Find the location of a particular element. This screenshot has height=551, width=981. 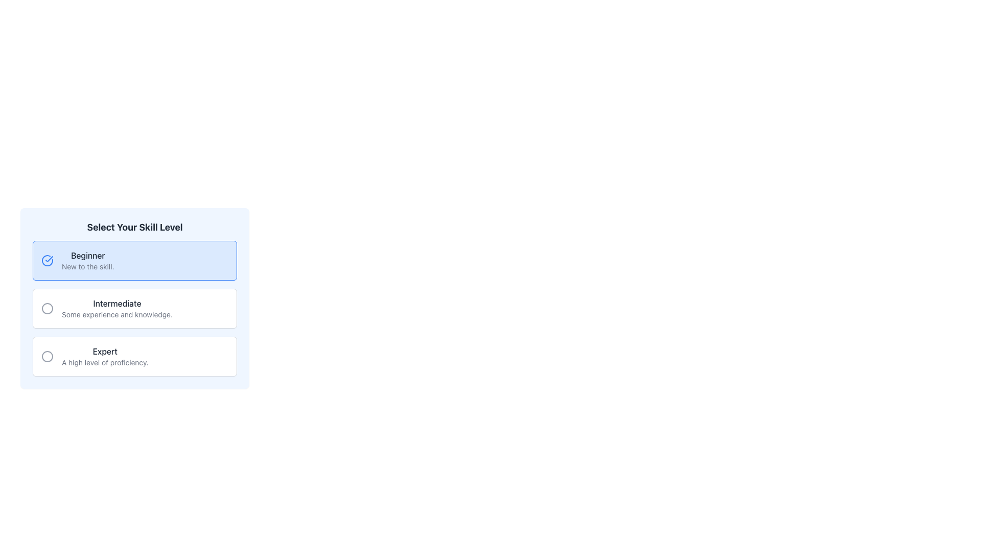

the empty circular radio button located to the left of the 'Expert' text in the skill selection section is located at coordinates (46, 356).